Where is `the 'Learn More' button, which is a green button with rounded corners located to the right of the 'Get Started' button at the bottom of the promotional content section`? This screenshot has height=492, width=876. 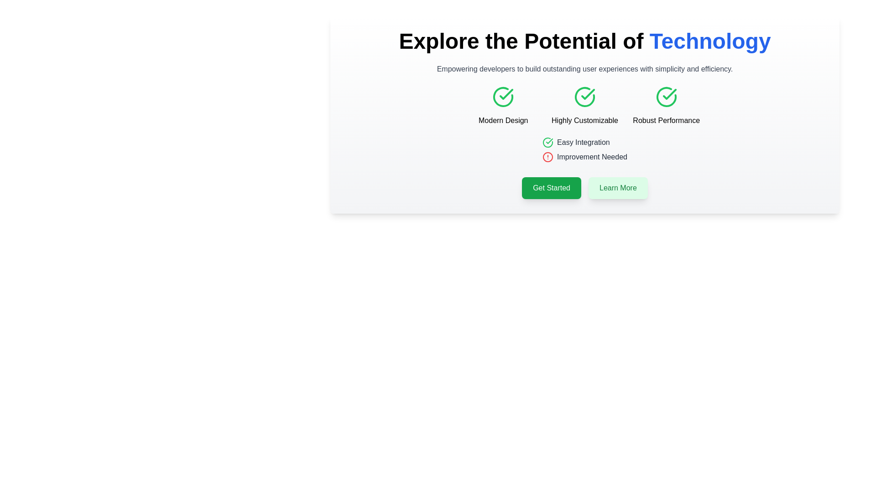
the 'Learn More' button, which is a green button with rounded corners located to the right of the 'Get Started' button at the bottom of the promotional content section is located at coordinates (617, 187).